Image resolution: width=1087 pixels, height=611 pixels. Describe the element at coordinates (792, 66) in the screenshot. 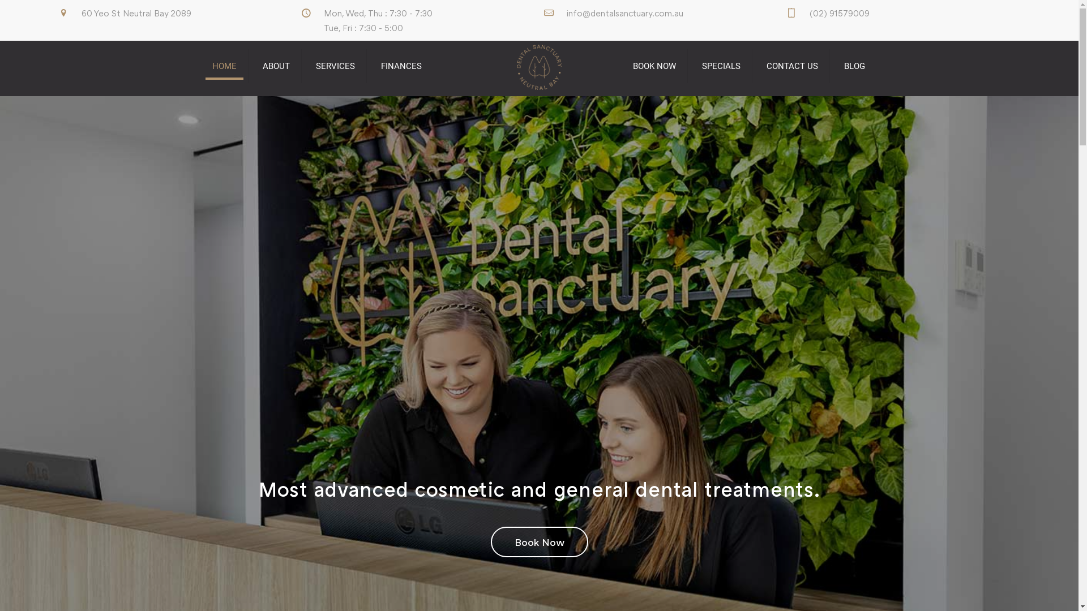

I see `'CONTACT US'` at that location.